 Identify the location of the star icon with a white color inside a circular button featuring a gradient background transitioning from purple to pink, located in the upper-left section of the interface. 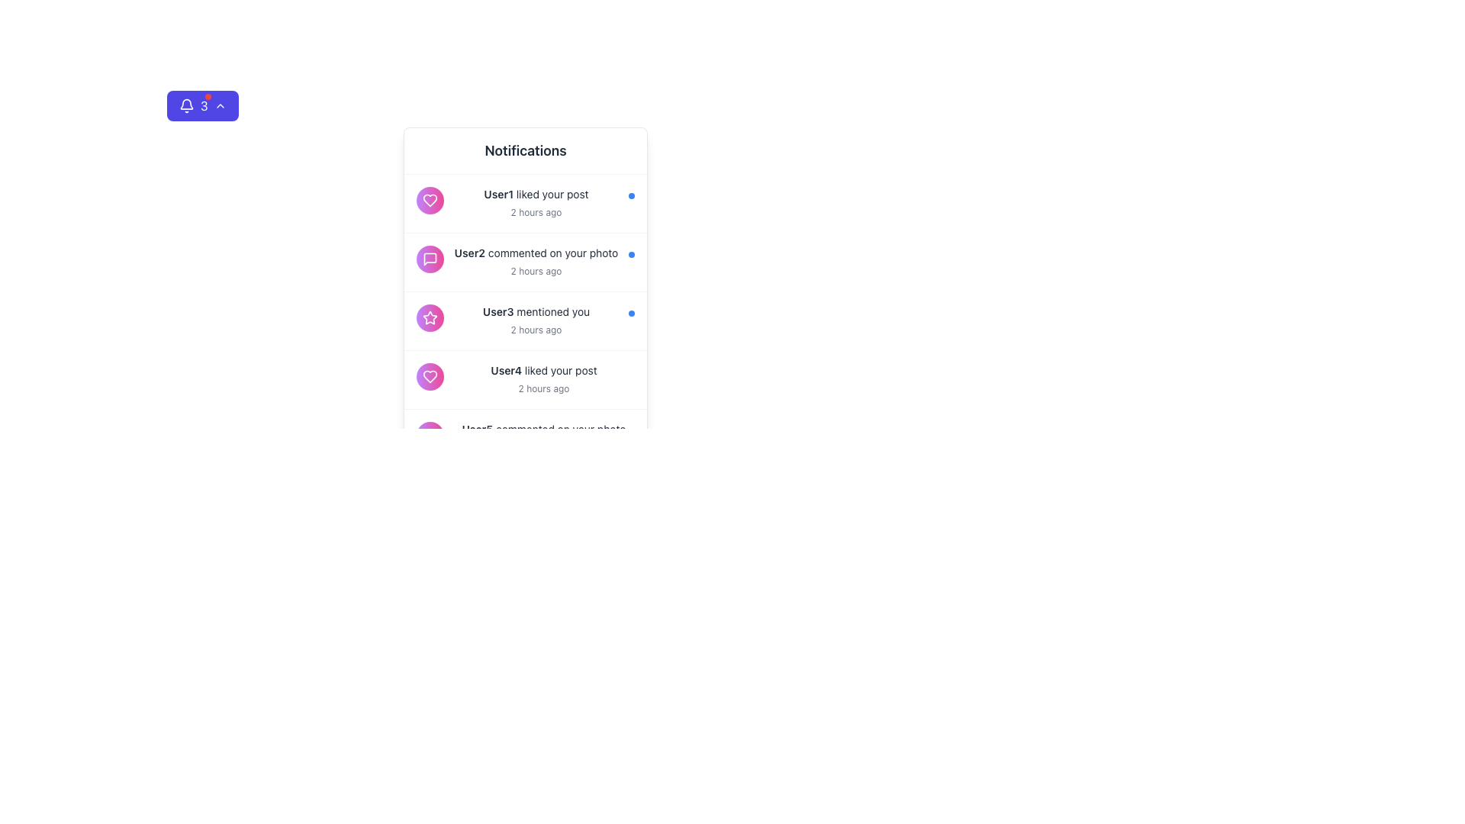
(430, 317).